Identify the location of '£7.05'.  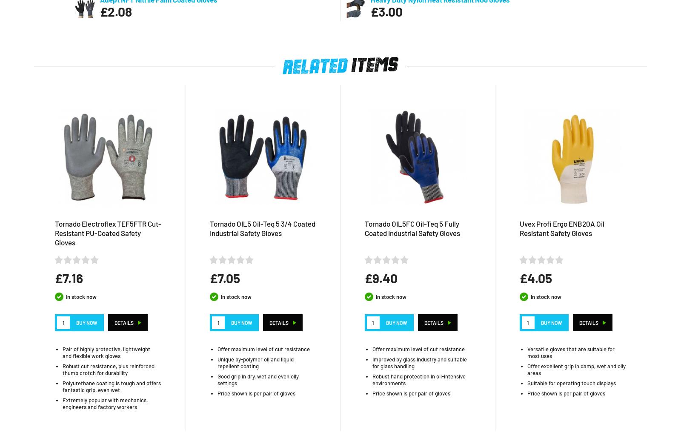
(224, 277).